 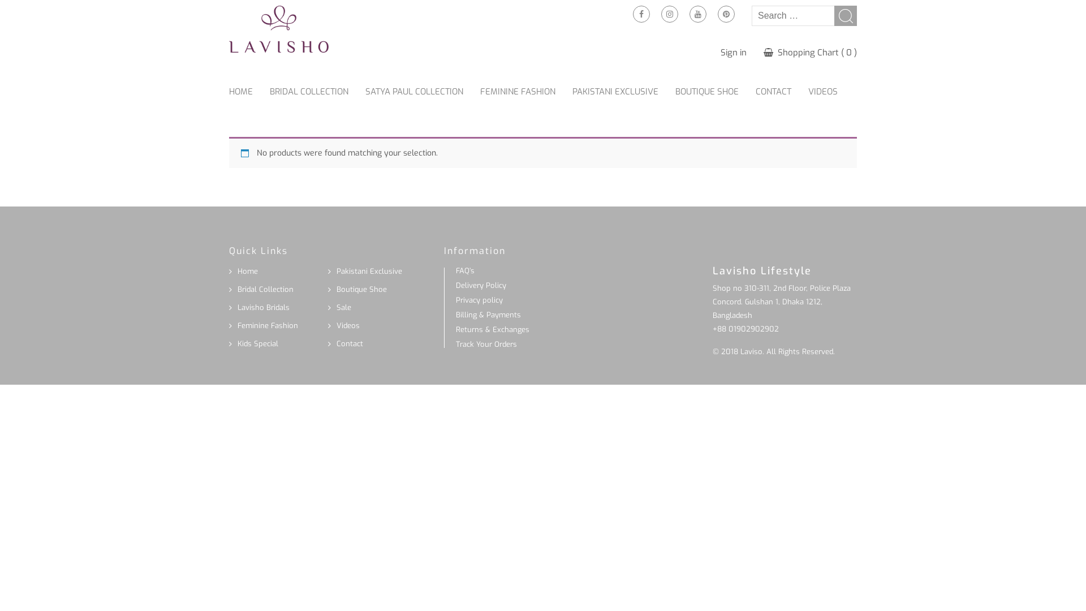 I want to click on 'BRIDAL COLLECTION', so click(x=317, y=91).